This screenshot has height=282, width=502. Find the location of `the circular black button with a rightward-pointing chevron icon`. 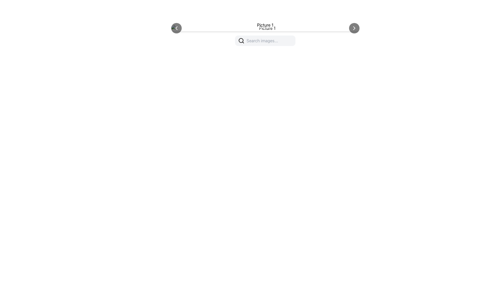

the circular black button with a rightward-pointing chevron icon is located at coordinates (354, 28).